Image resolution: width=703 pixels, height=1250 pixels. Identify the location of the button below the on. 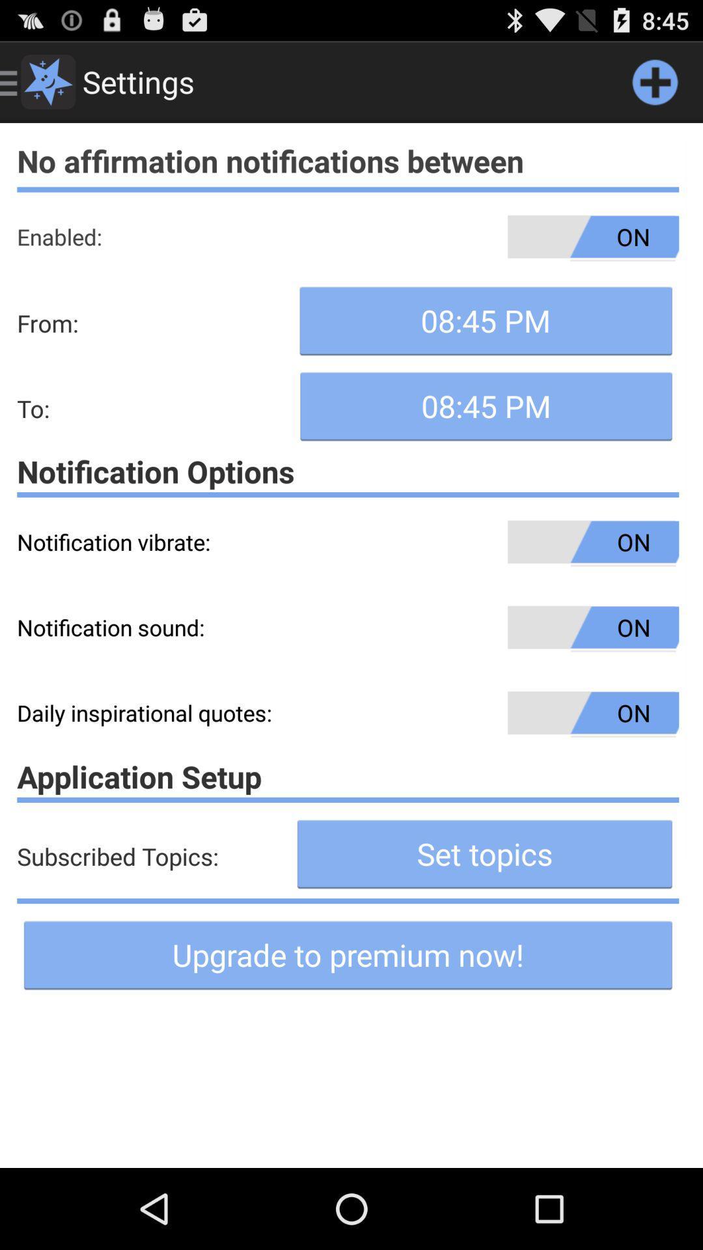
(486, 321).